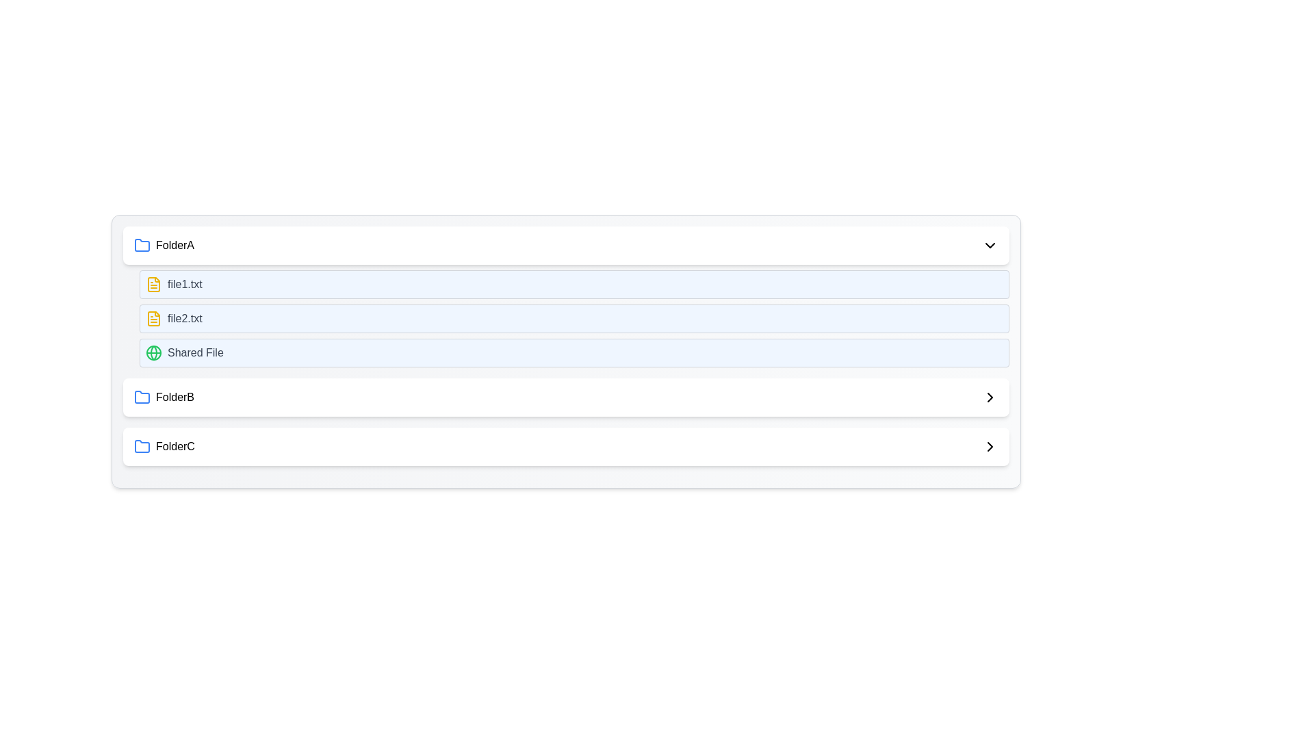  I want to click on the folder icon with a blue outline that precedes the text 'FolderB', so click(142, 396).